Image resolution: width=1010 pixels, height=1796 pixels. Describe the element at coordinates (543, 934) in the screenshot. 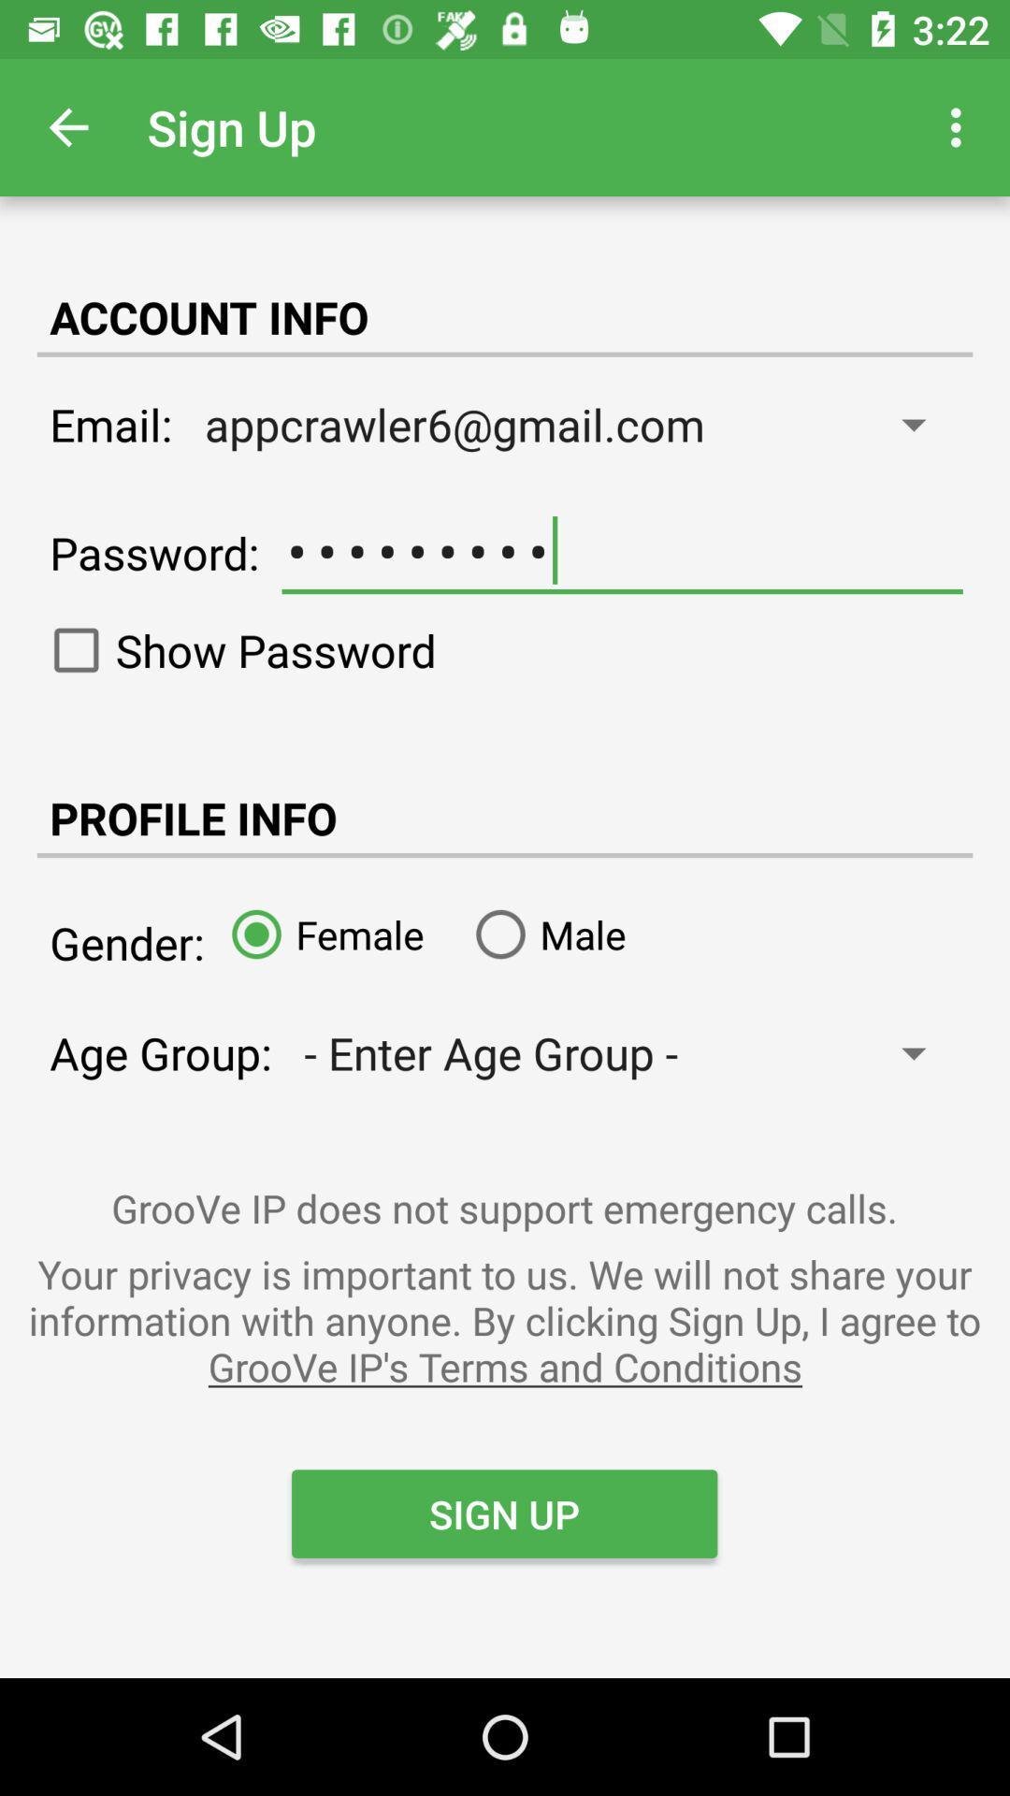

I see `the male icon` at that location.